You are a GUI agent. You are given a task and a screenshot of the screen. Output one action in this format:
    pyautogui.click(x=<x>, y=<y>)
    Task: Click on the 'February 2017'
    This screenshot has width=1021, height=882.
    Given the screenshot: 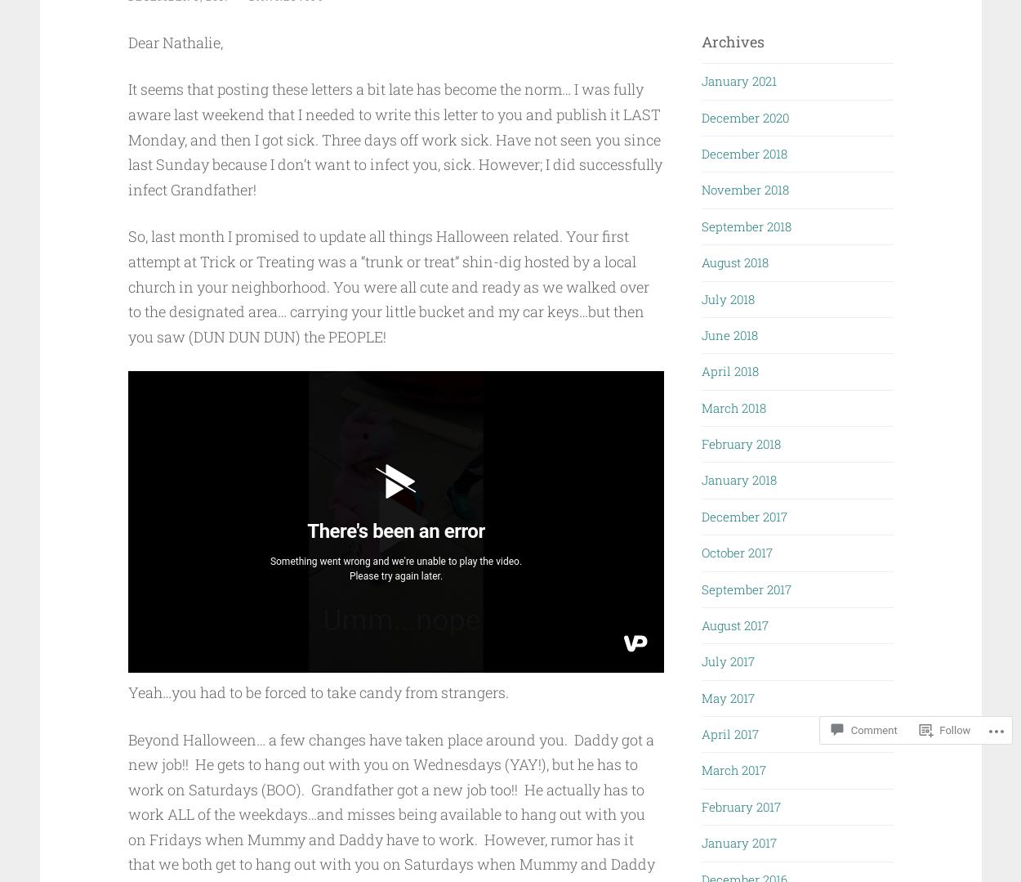 What is the action you would take?
    pyautogui.click(x=701, y=804)
    